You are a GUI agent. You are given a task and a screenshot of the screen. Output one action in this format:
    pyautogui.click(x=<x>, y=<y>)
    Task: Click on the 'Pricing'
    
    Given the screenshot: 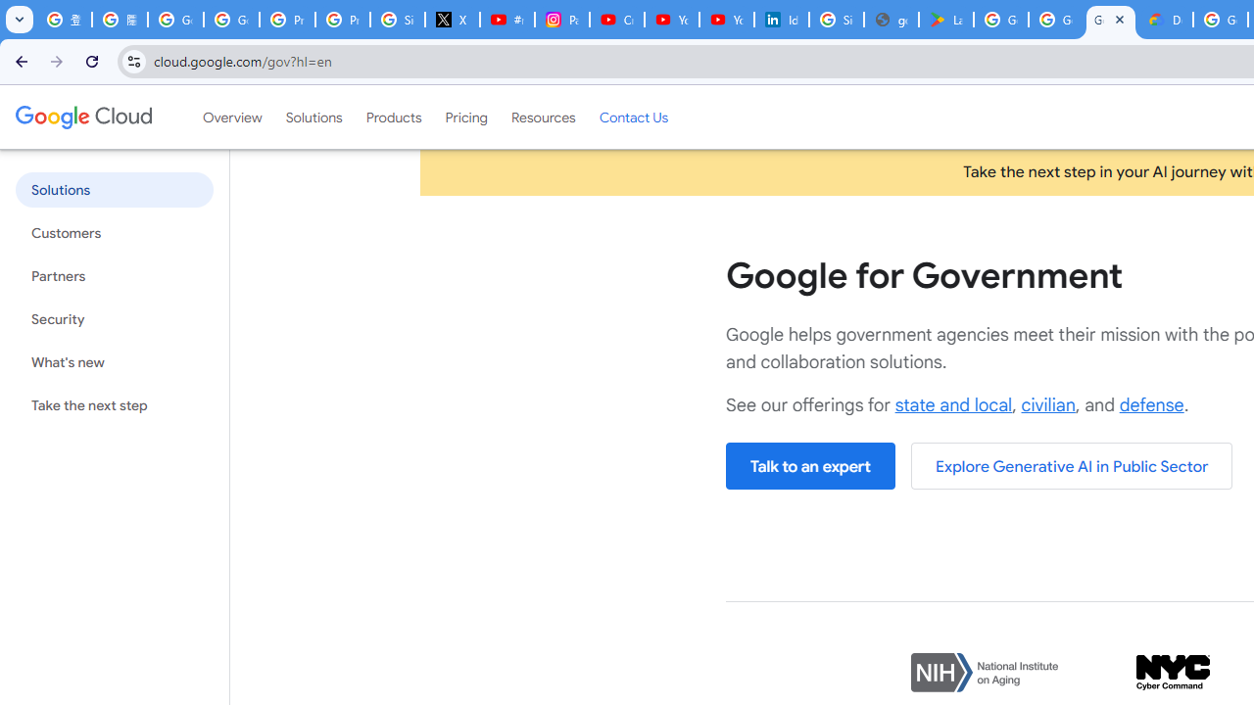 What is the action you would take?
    pyautogui.click(x=465, y=117)
    